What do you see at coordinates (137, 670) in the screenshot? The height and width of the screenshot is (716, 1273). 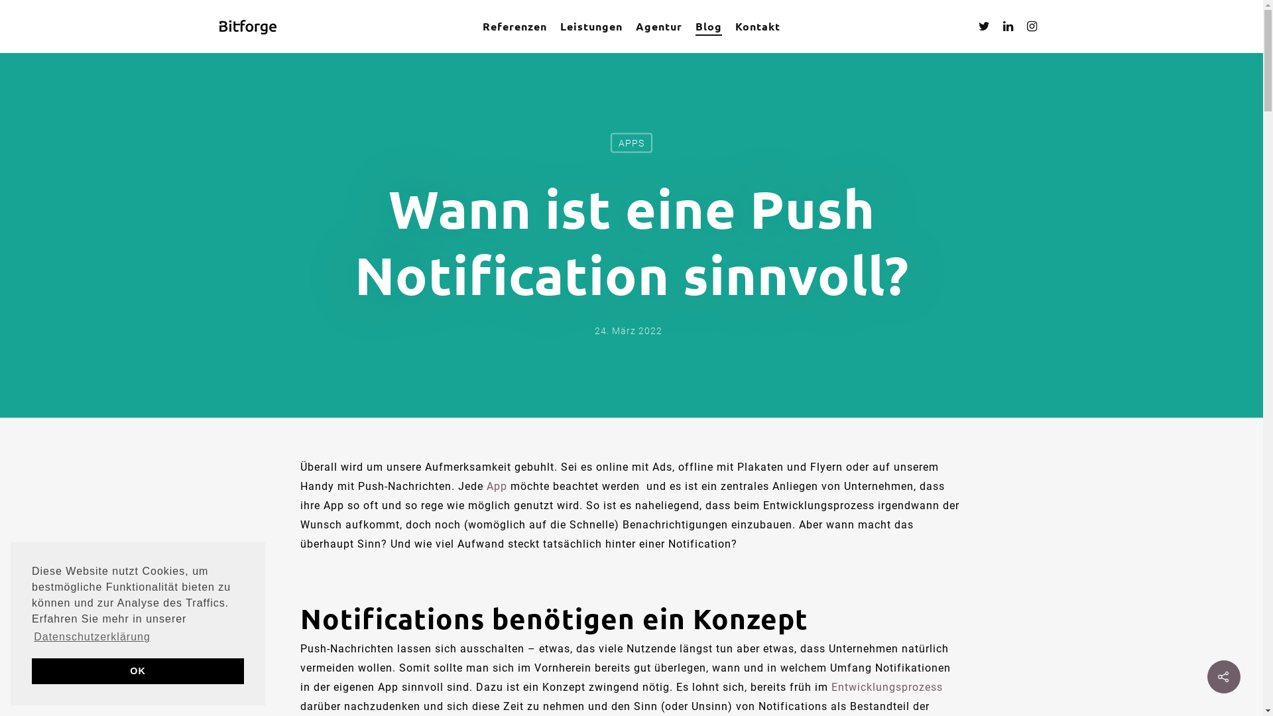 I see `'OK'` at bounding box center [137, 670].